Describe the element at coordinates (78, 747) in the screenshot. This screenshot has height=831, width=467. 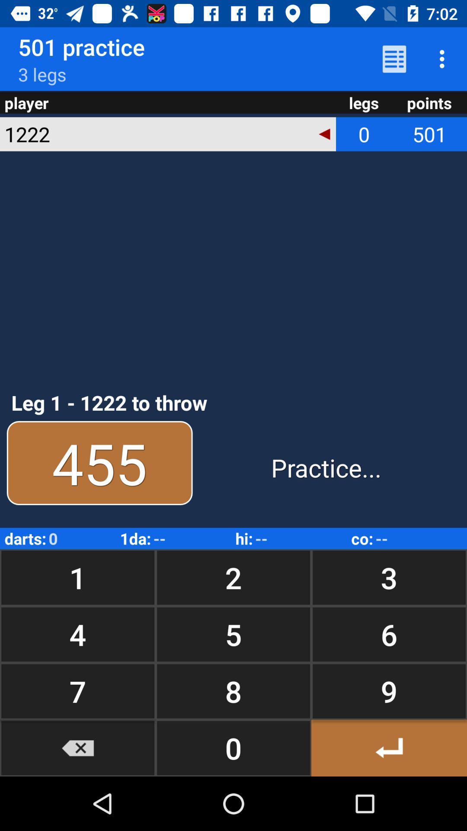
I see `delete a digit` at that location.